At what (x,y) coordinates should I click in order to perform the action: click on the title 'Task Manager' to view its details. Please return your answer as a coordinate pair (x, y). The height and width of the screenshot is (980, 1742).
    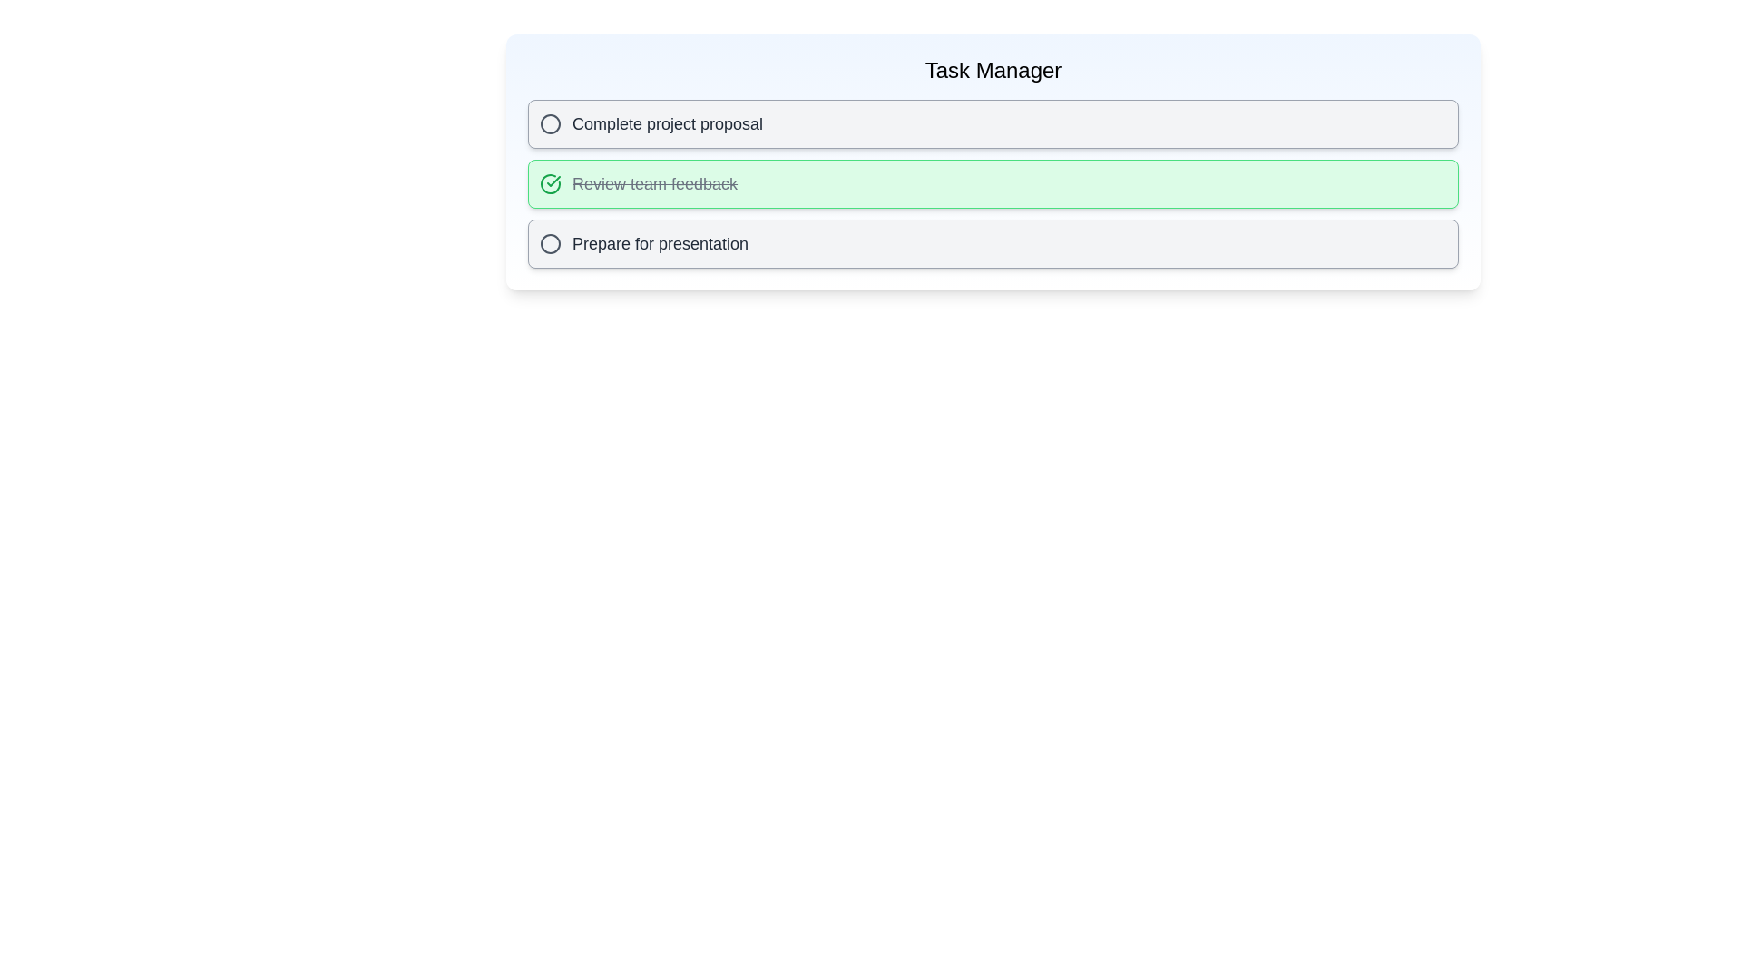
    Looking at the image, I should click on (992, 69).